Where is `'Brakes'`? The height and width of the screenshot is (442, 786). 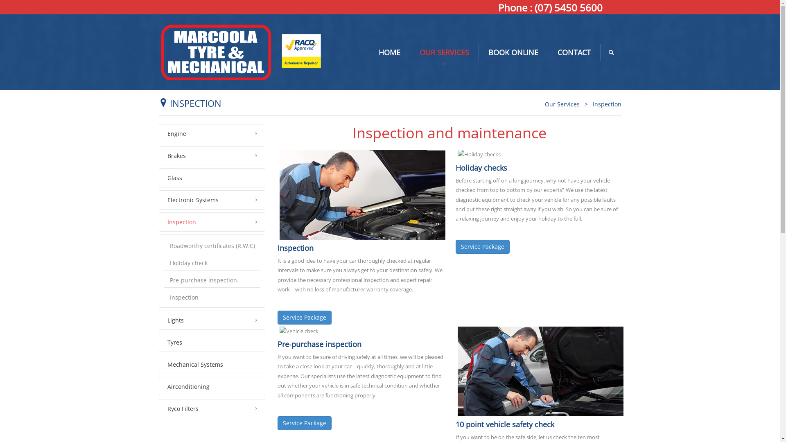
'Brakes' is located at coordinates (212, 156).